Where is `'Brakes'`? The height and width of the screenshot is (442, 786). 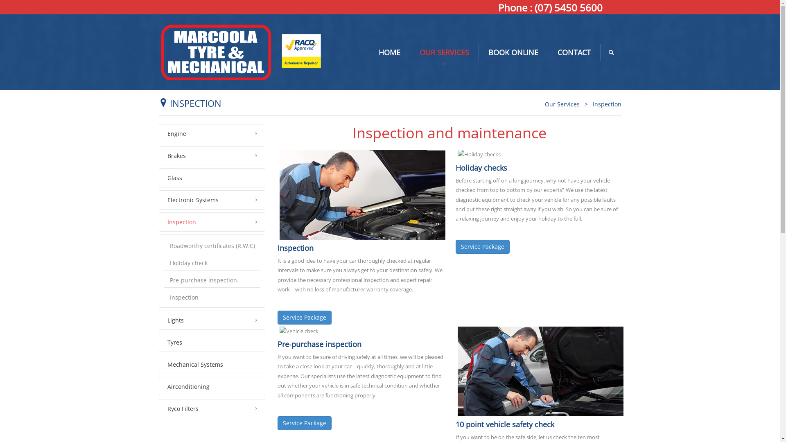
'Brakes' is located at coordinates (212, 156).